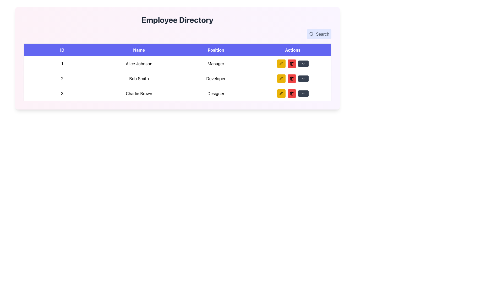 The image size is (503, 283). Describe the element at coordinates (291, 79) in the screenshot. I see `the trash icon button in the 'Actions' column for the 'Bob Smith' entry` at that location.